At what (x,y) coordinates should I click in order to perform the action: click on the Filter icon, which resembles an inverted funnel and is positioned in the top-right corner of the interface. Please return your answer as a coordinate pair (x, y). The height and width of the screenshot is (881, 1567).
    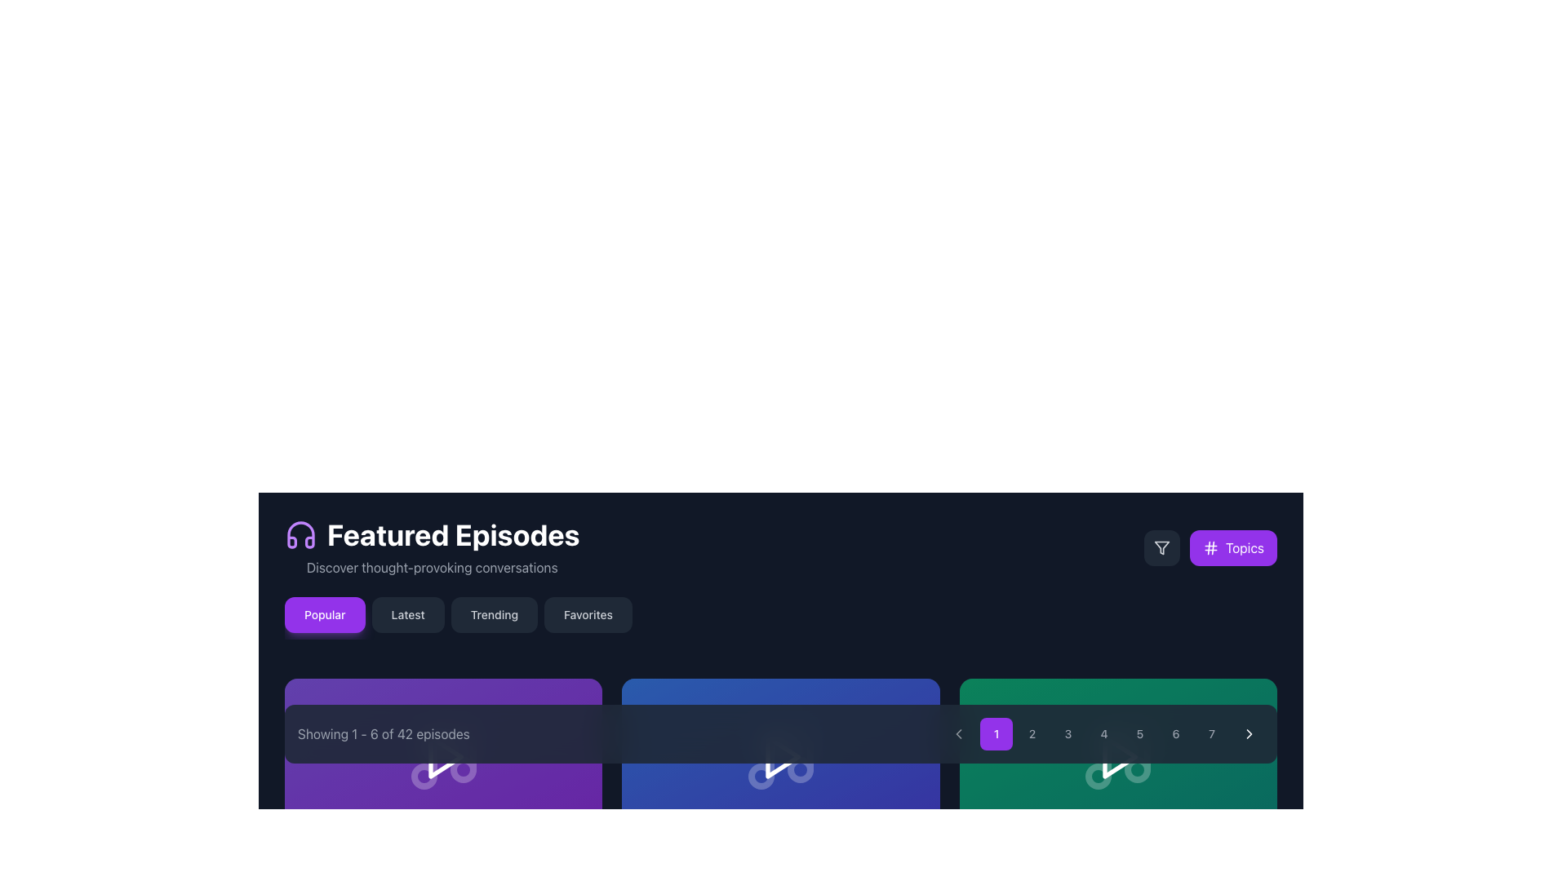
    Looking at the image, I should click on (1161, 547).